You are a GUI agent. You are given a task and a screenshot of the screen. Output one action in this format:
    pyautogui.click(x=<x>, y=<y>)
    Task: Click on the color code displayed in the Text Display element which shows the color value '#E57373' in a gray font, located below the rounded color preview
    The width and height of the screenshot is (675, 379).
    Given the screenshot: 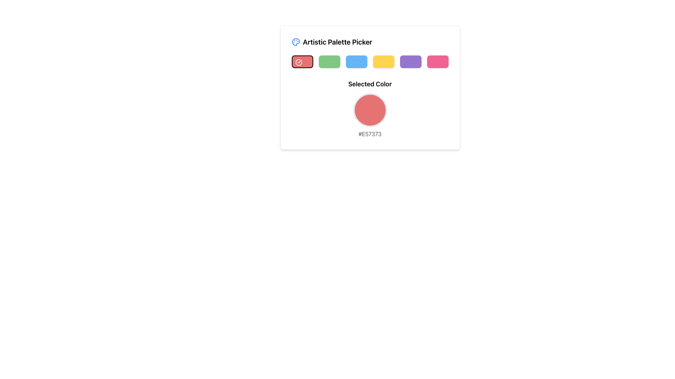 What is the action you would take?
    pyautogui.click(x=369, y=134)
    